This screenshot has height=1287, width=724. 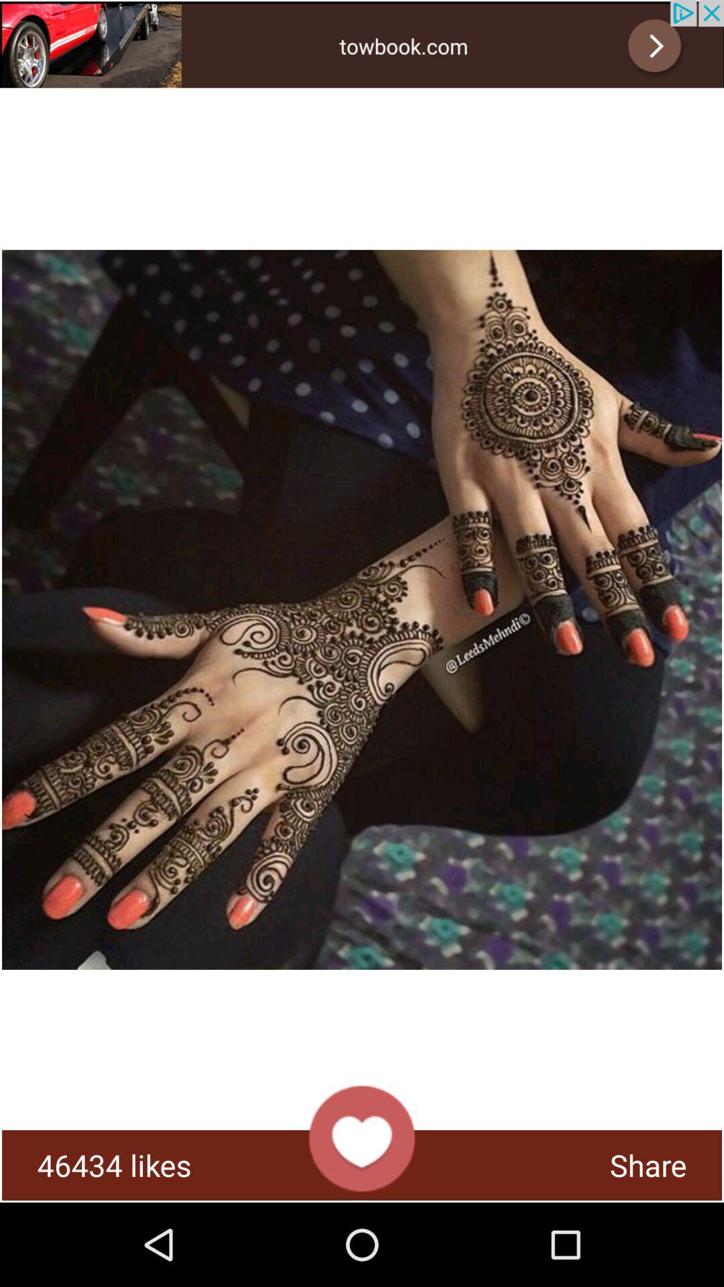 What do you see at coordinates (362, 44) in the screenshot?
I see `advertisement` at bounding box center [362, 44].